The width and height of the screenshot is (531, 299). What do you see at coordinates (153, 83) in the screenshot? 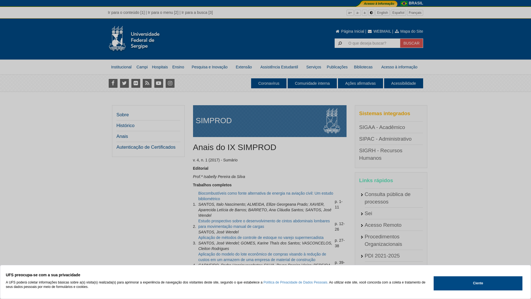
I see `'Youtube'` at bounding box center [153, 83].